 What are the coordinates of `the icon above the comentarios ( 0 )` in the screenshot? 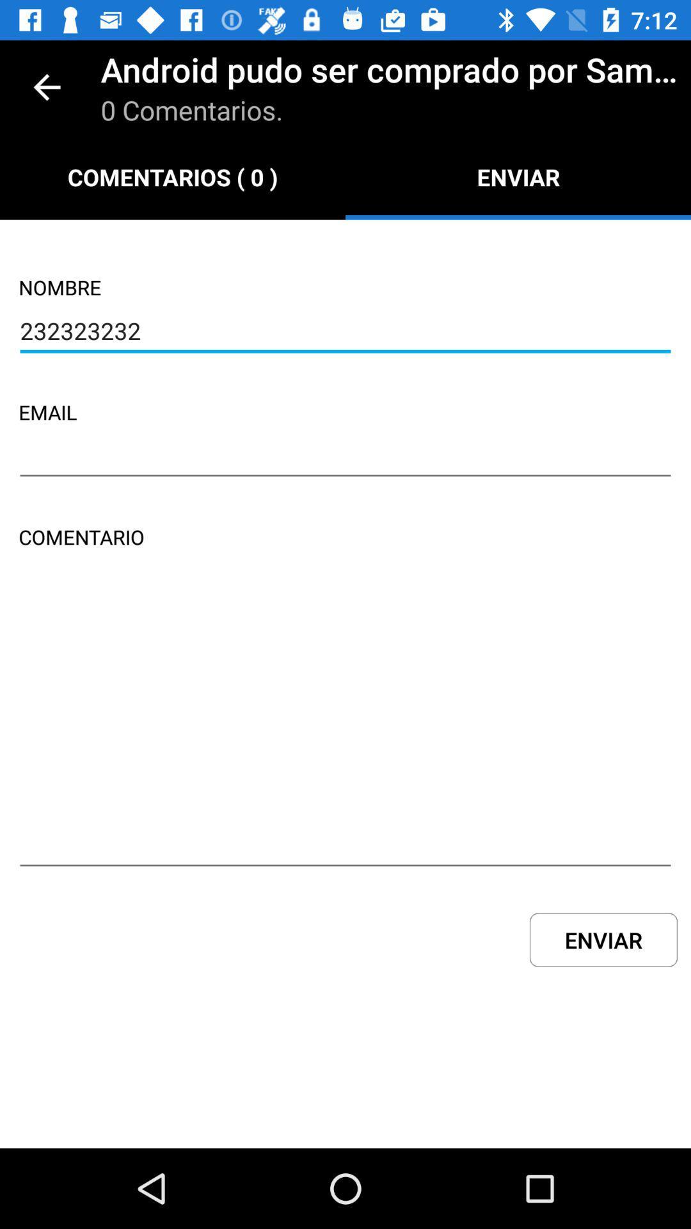 It's located at (46, 86).